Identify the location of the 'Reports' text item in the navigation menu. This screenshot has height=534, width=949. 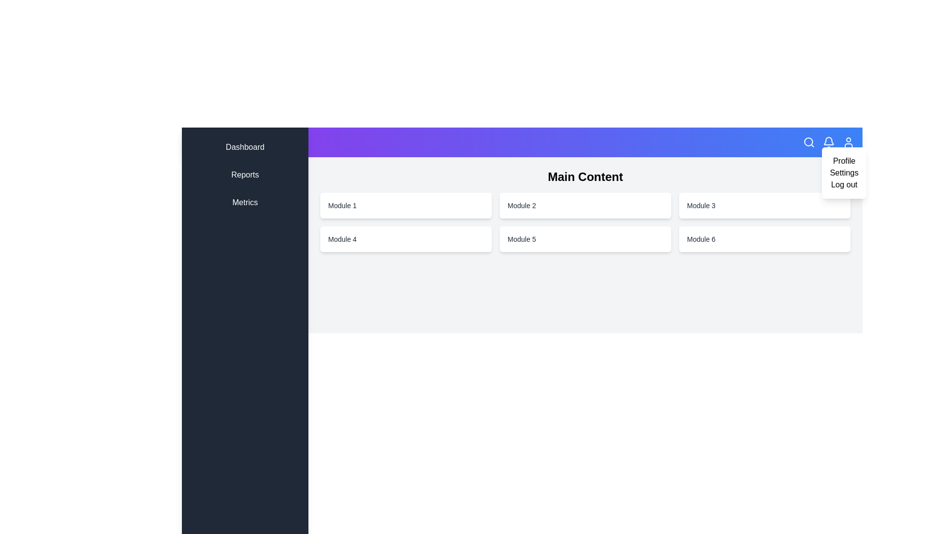
(245, 175).